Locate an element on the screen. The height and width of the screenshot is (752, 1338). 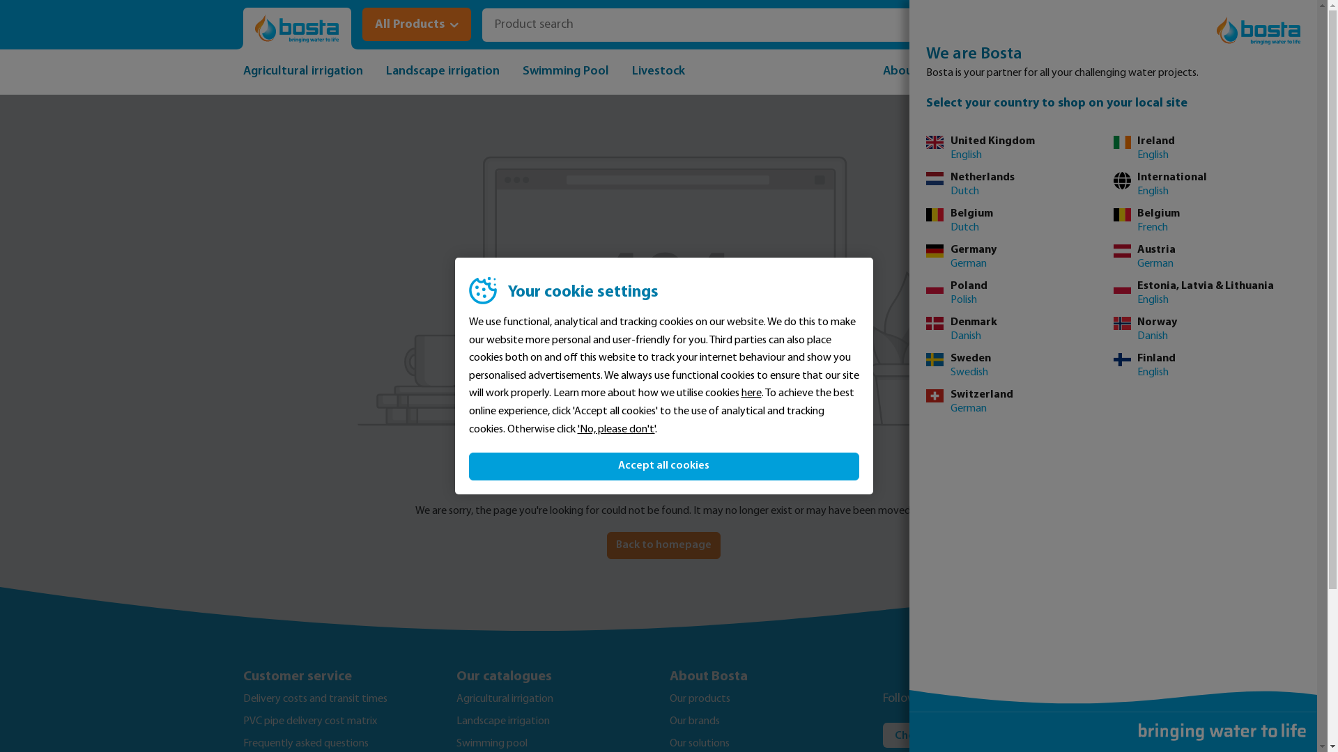
'About Bosta' is located at coordinates (917, 72).